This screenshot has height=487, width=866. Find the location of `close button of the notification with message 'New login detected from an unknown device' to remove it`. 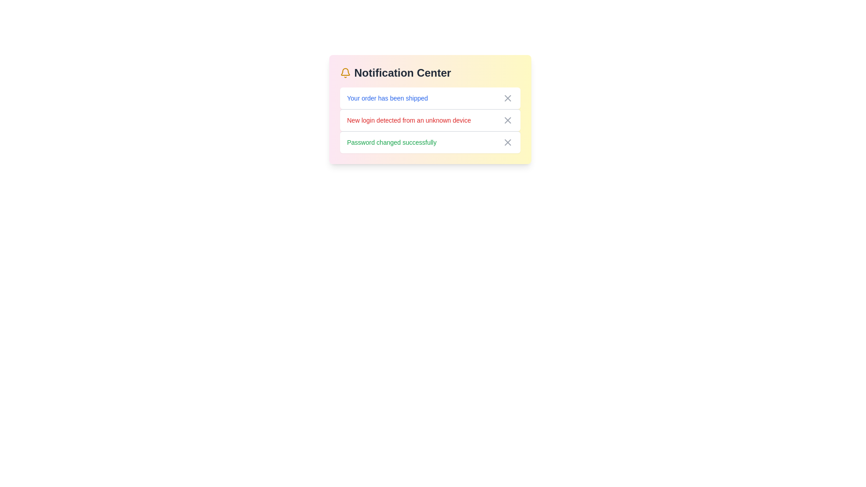

close button of the notification with message 'New login detected from an unknown device' to remove it is located at coordinates (507, 119).